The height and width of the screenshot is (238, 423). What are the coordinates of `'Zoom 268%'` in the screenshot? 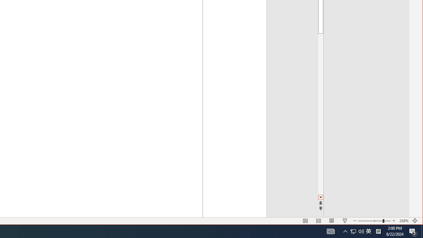 It's located at (404, 221).